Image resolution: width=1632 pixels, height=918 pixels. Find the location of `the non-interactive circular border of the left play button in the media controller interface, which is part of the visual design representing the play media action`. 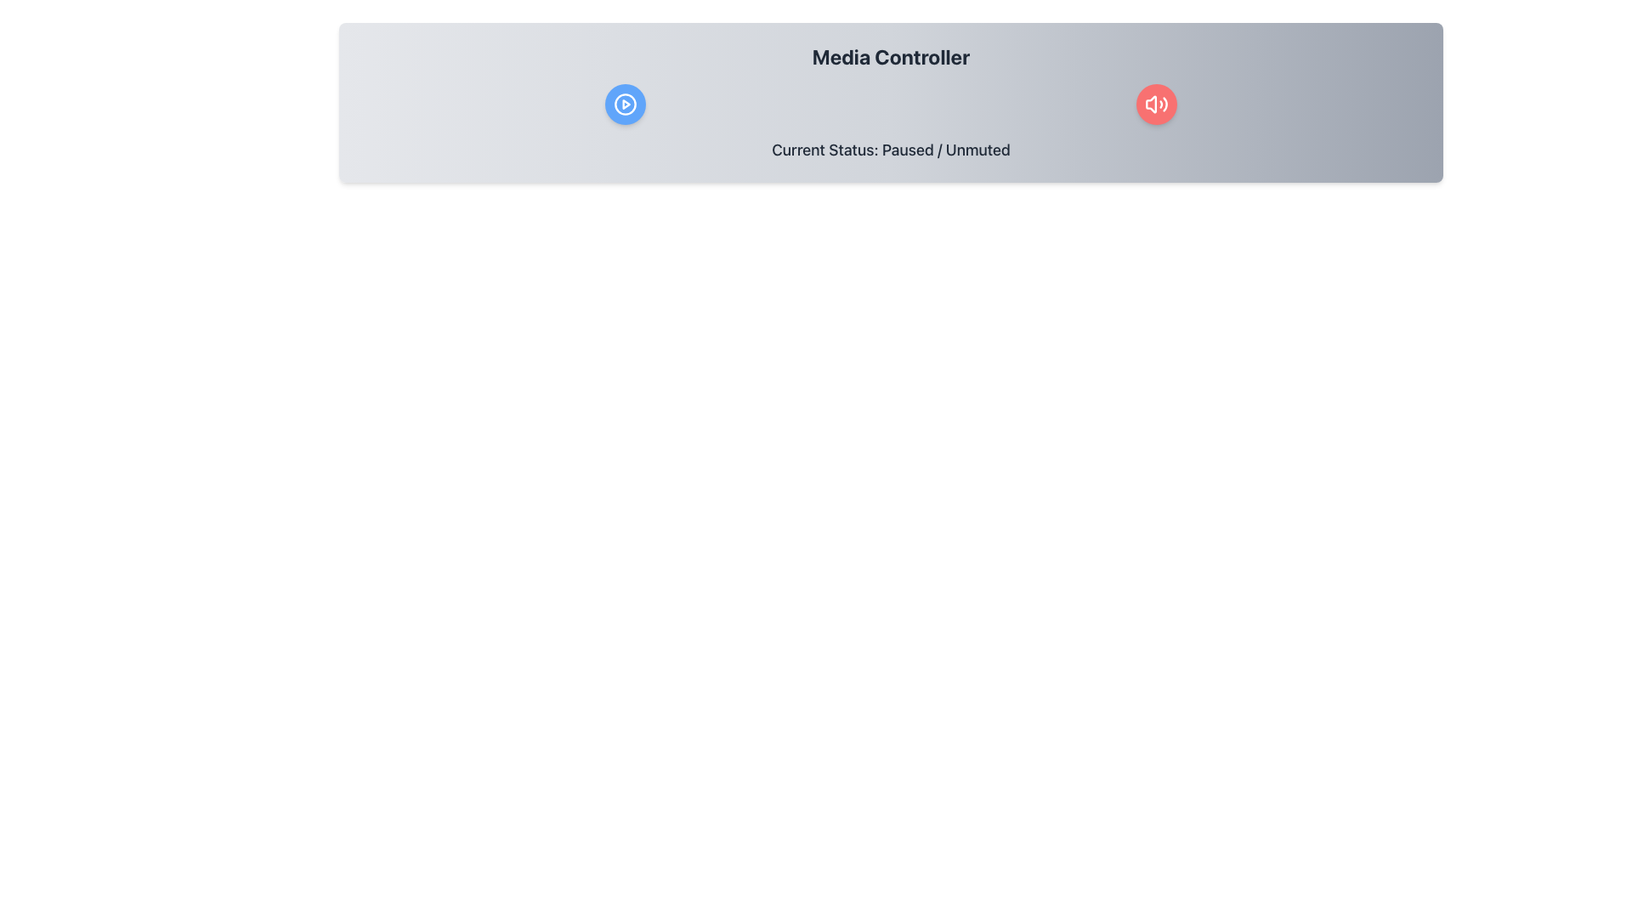

the non-interactive circular border of the left play button in the media controller interface, which is part of the visual design representing the play media action is located at coordinates (624, 105).